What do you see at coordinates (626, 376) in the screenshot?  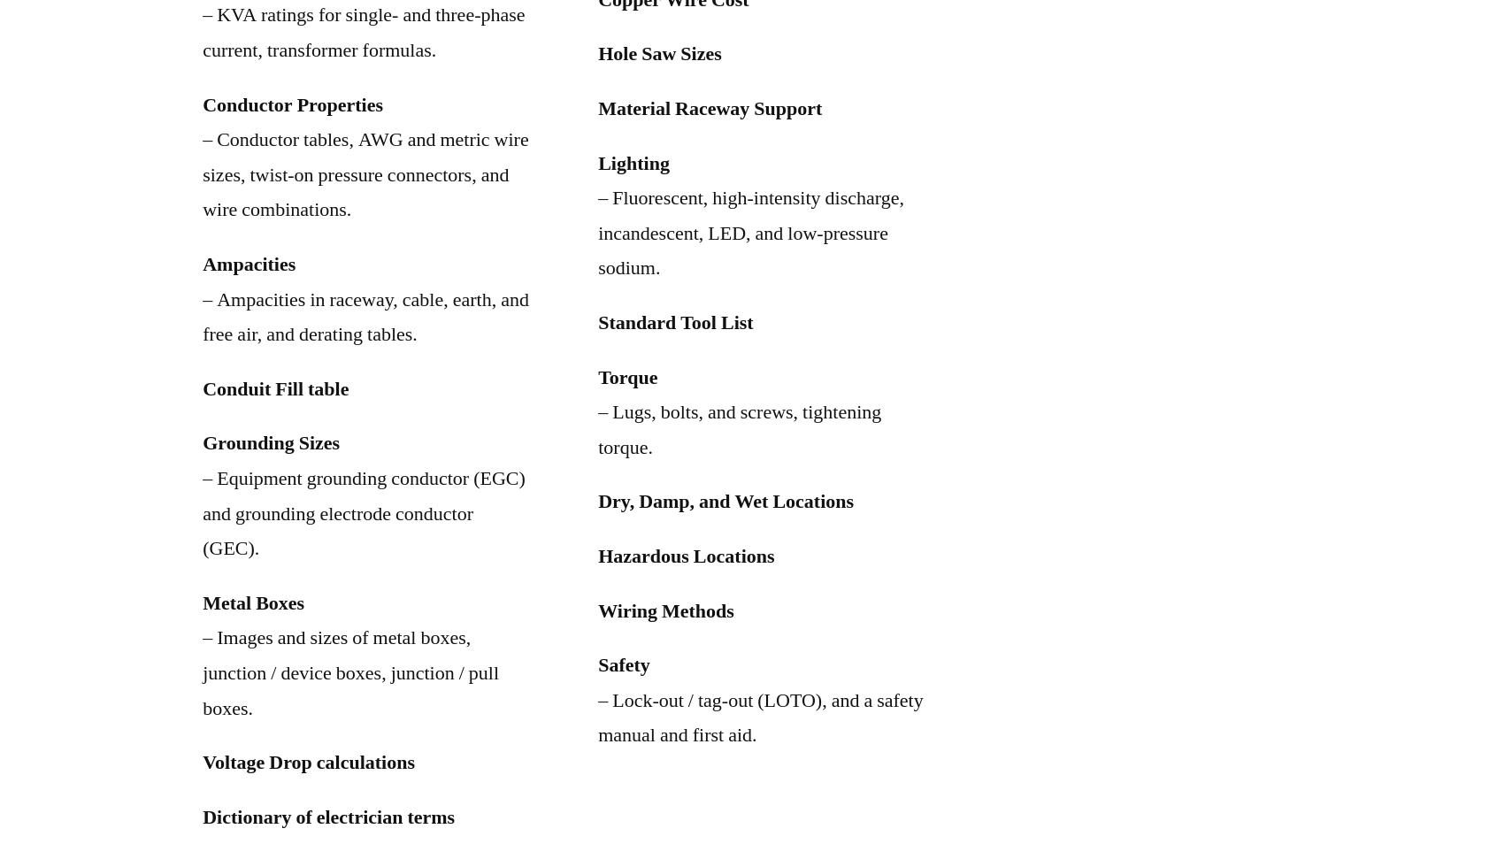 I see `'Torque'` at bounding box center [626, 376].